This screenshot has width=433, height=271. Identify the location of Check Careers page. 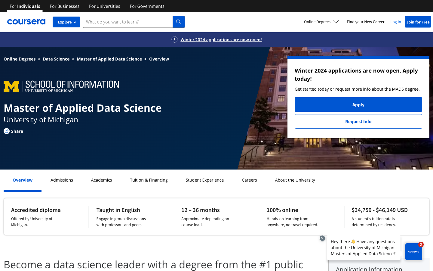
(249, 180).